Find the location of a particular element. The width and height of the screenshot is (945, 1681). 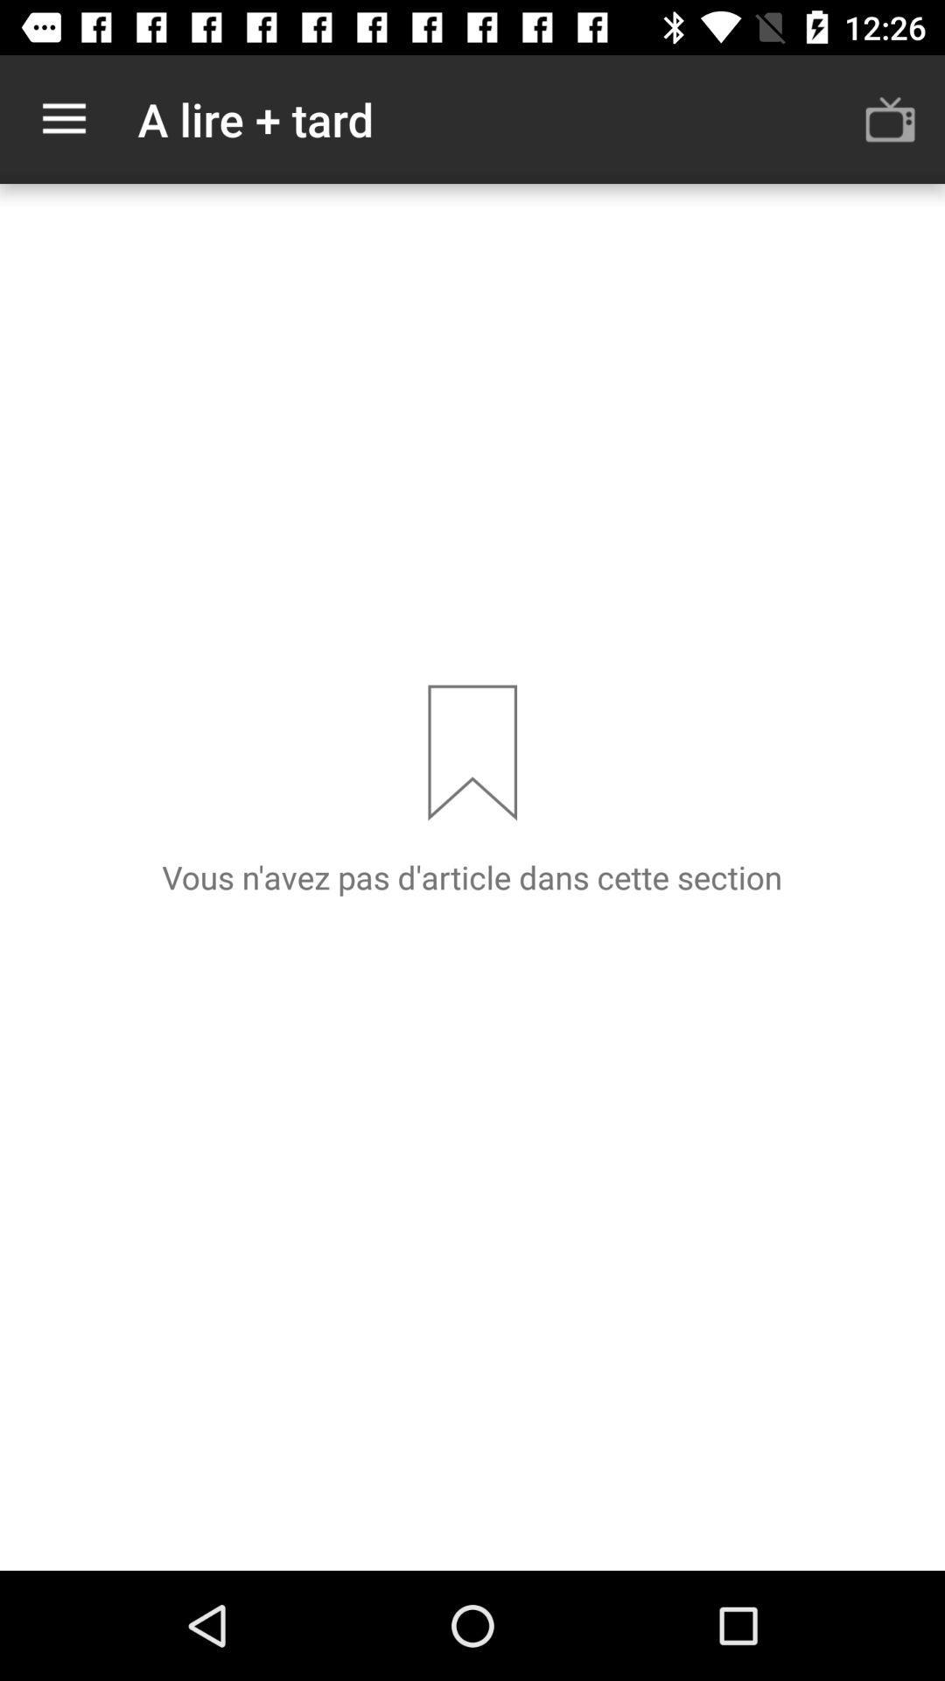

icon to the left of the a lire + tard item is located at coordinates (63, 118).